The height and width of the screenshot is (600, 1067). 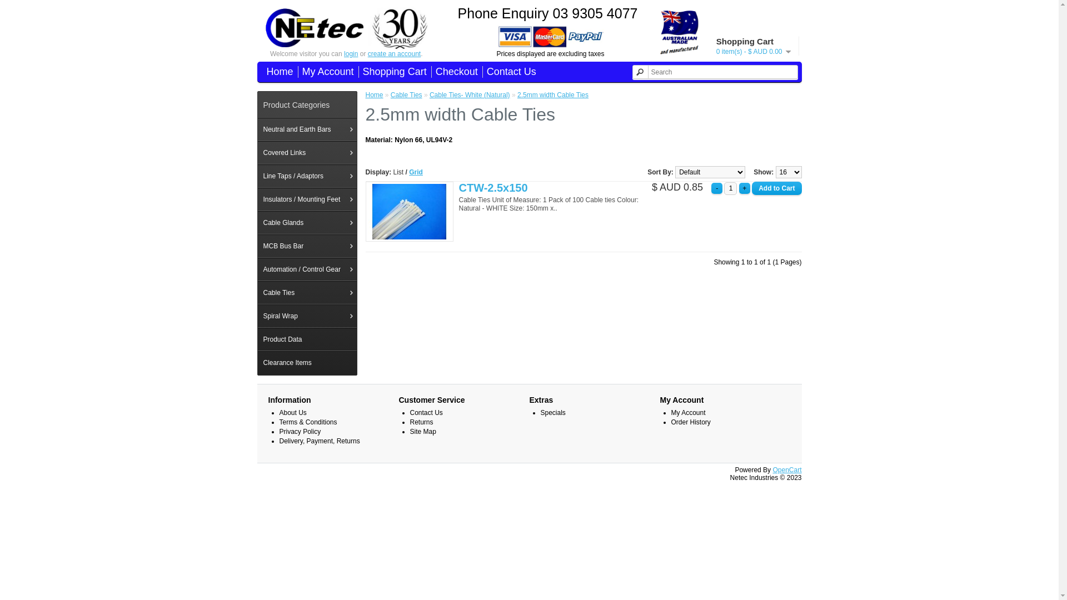 I want to click on 'Privacy Policy', so click(x=300, y=431).